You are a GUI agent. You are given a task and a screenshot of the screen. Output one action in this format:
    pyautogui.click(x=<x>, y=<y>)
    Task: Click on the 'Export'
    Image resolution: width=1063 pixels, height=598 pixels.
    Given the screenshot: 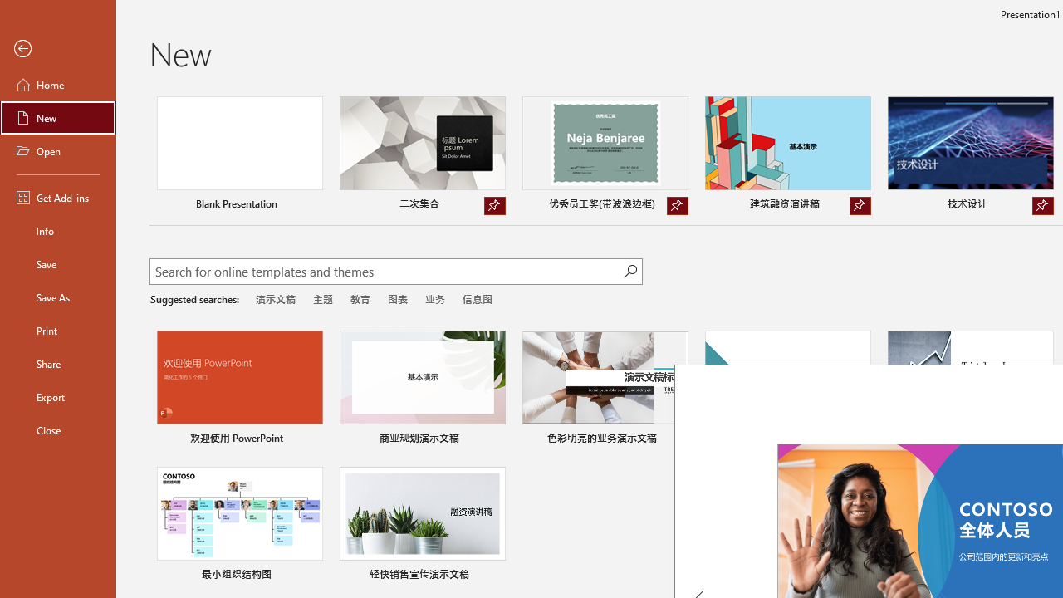 What is the action you would take?
    pyautogui.click(x=57, y=397)
    